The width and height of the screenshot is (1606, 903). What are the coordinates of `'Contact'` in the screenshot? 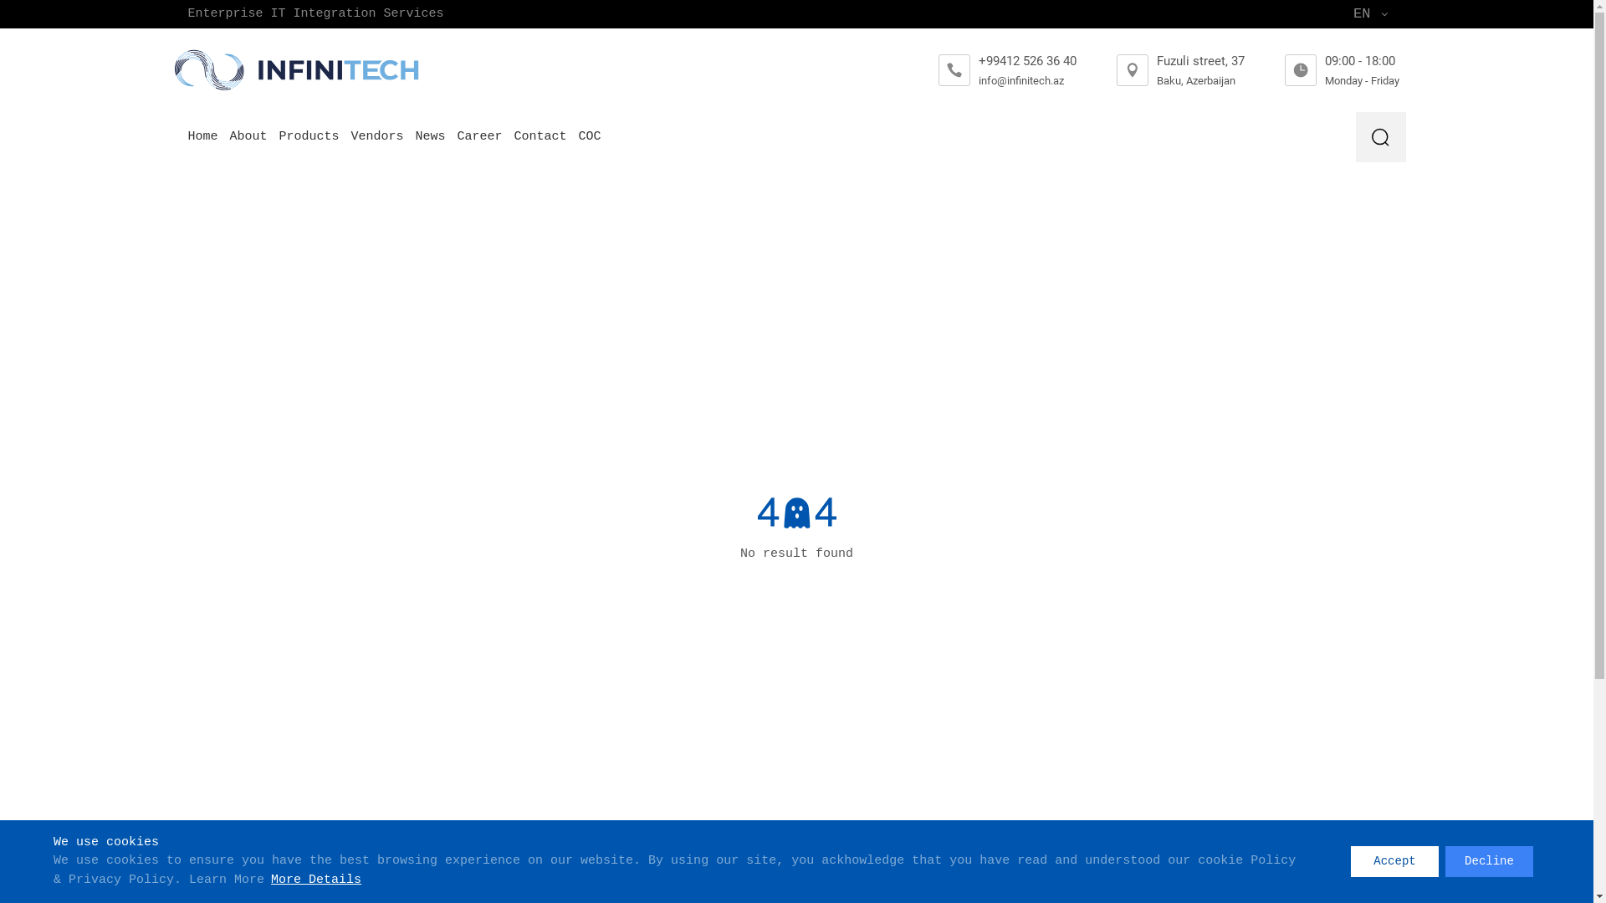 It's located at (513, 136).